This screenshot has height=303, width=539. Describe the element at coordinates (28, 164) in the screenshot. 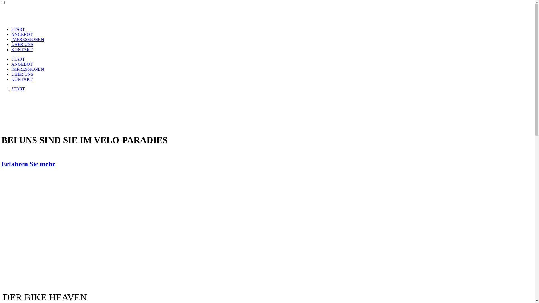

I see `'Erfahren Sie mehr'` at that location.